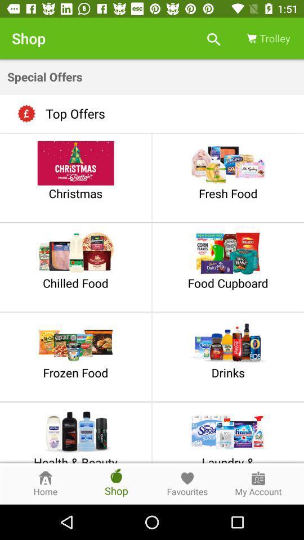 Image resolution: width=304 pixels, height=540 pixels. Describe the element at coordinates (213, 38) in the screenshot. I see `the icon above the special offers icon` at that location.